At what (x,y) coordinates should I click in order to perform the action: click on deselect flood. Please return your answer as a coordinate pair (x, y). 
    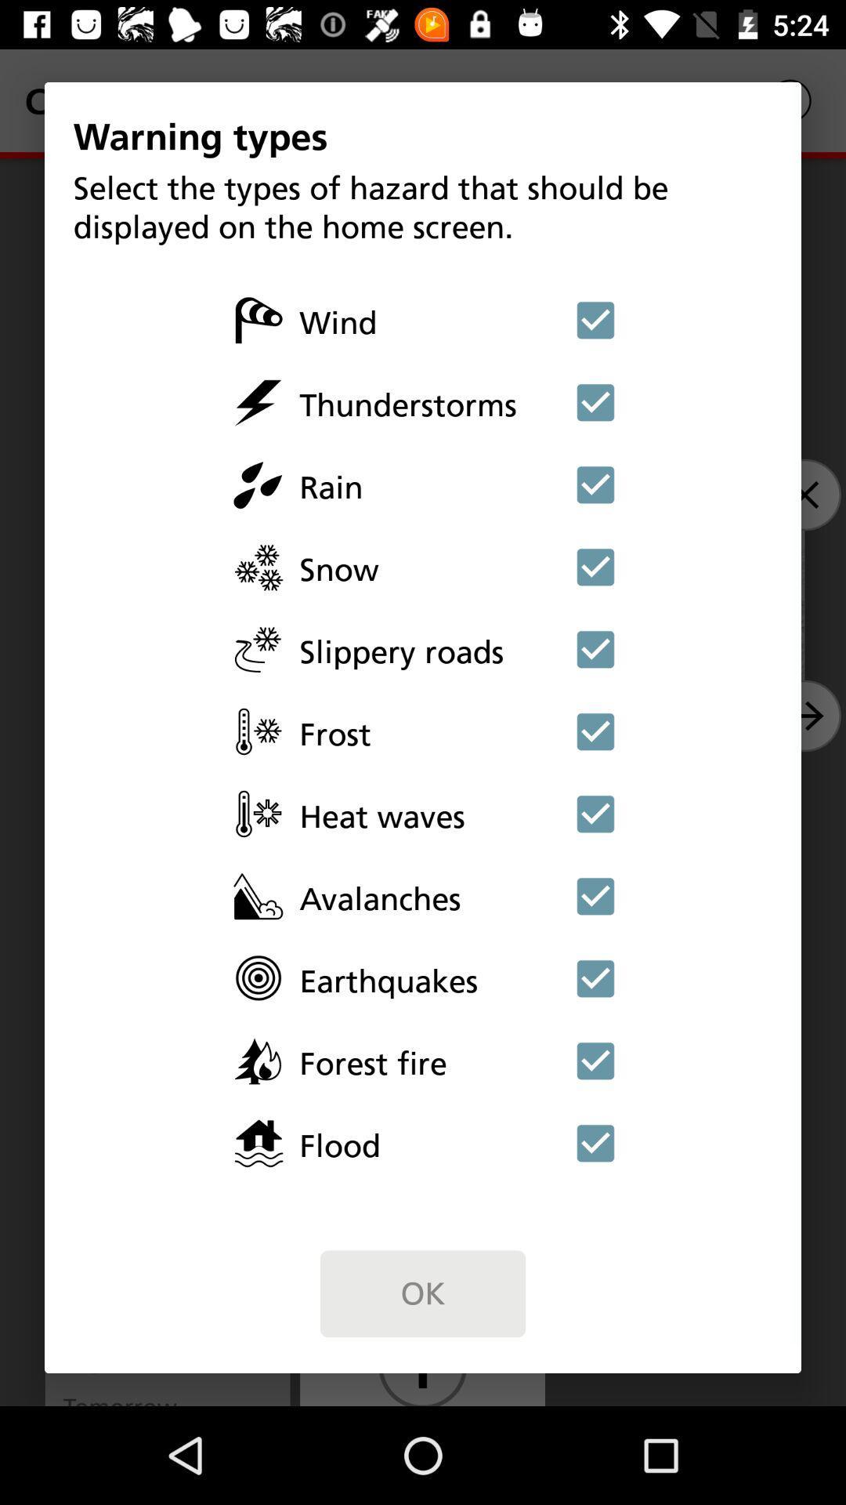
    Looking at the image, I should click on (595, 1143).